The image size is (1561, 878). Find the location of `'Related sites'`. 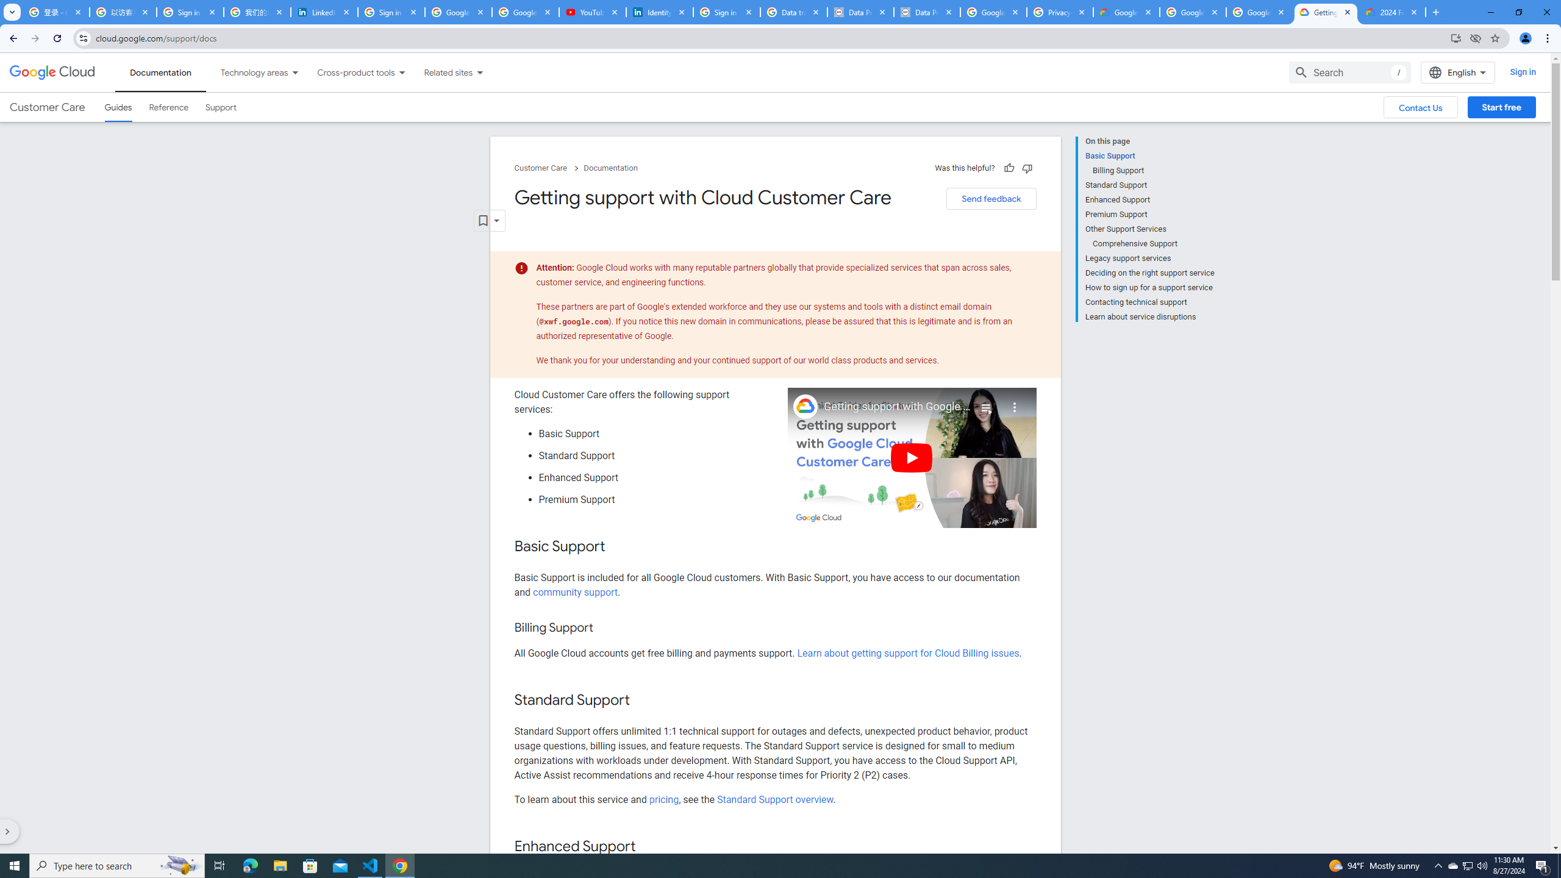

'Related sites' is located at coordinates (440, 72).